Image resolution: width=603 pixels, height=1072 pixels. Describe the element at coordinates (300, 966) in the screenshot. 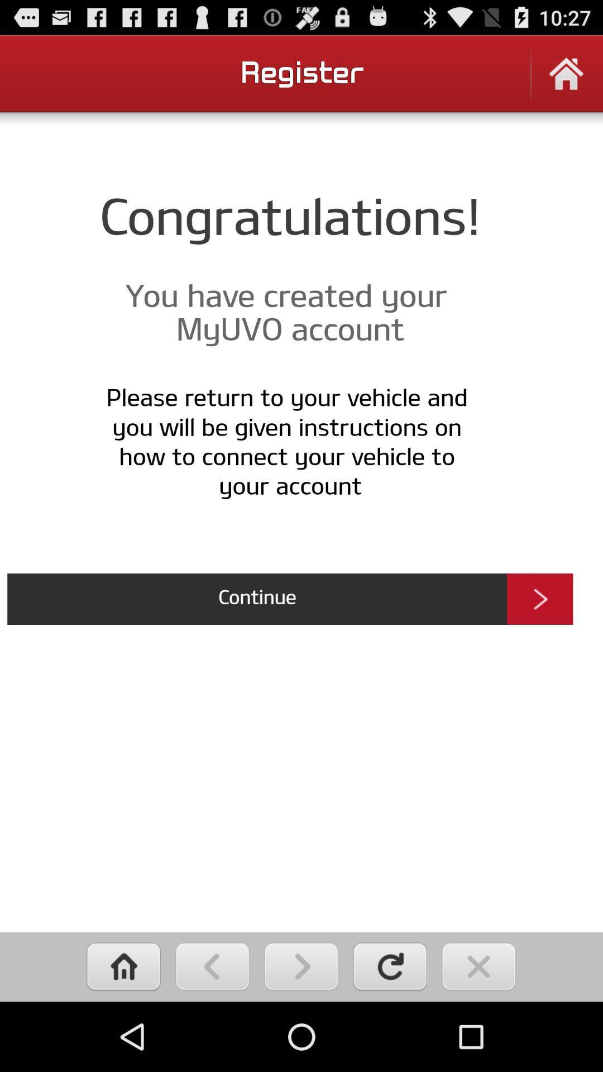

I see `click next` at that location.